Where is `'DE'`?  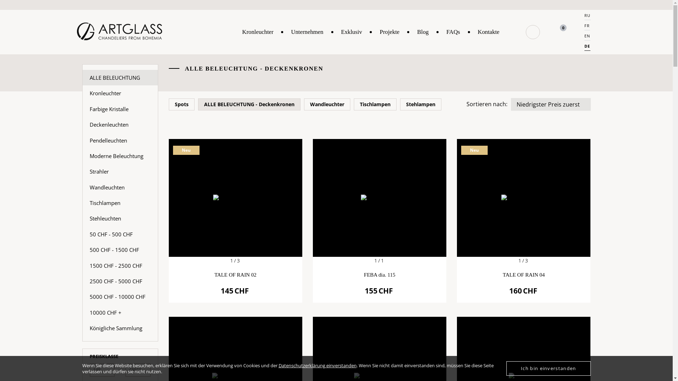
'DE' is located at coordinates (584, 47).